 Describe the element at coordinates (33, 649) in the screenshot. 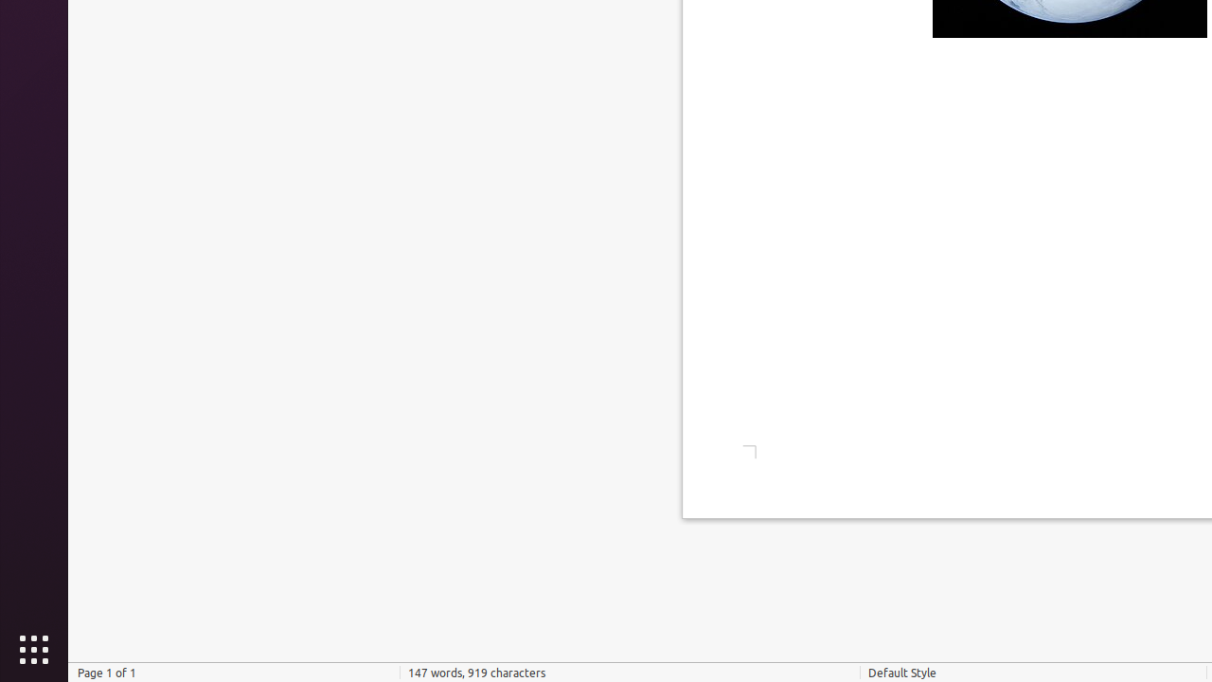

I see `'Show Applications'` at that location.